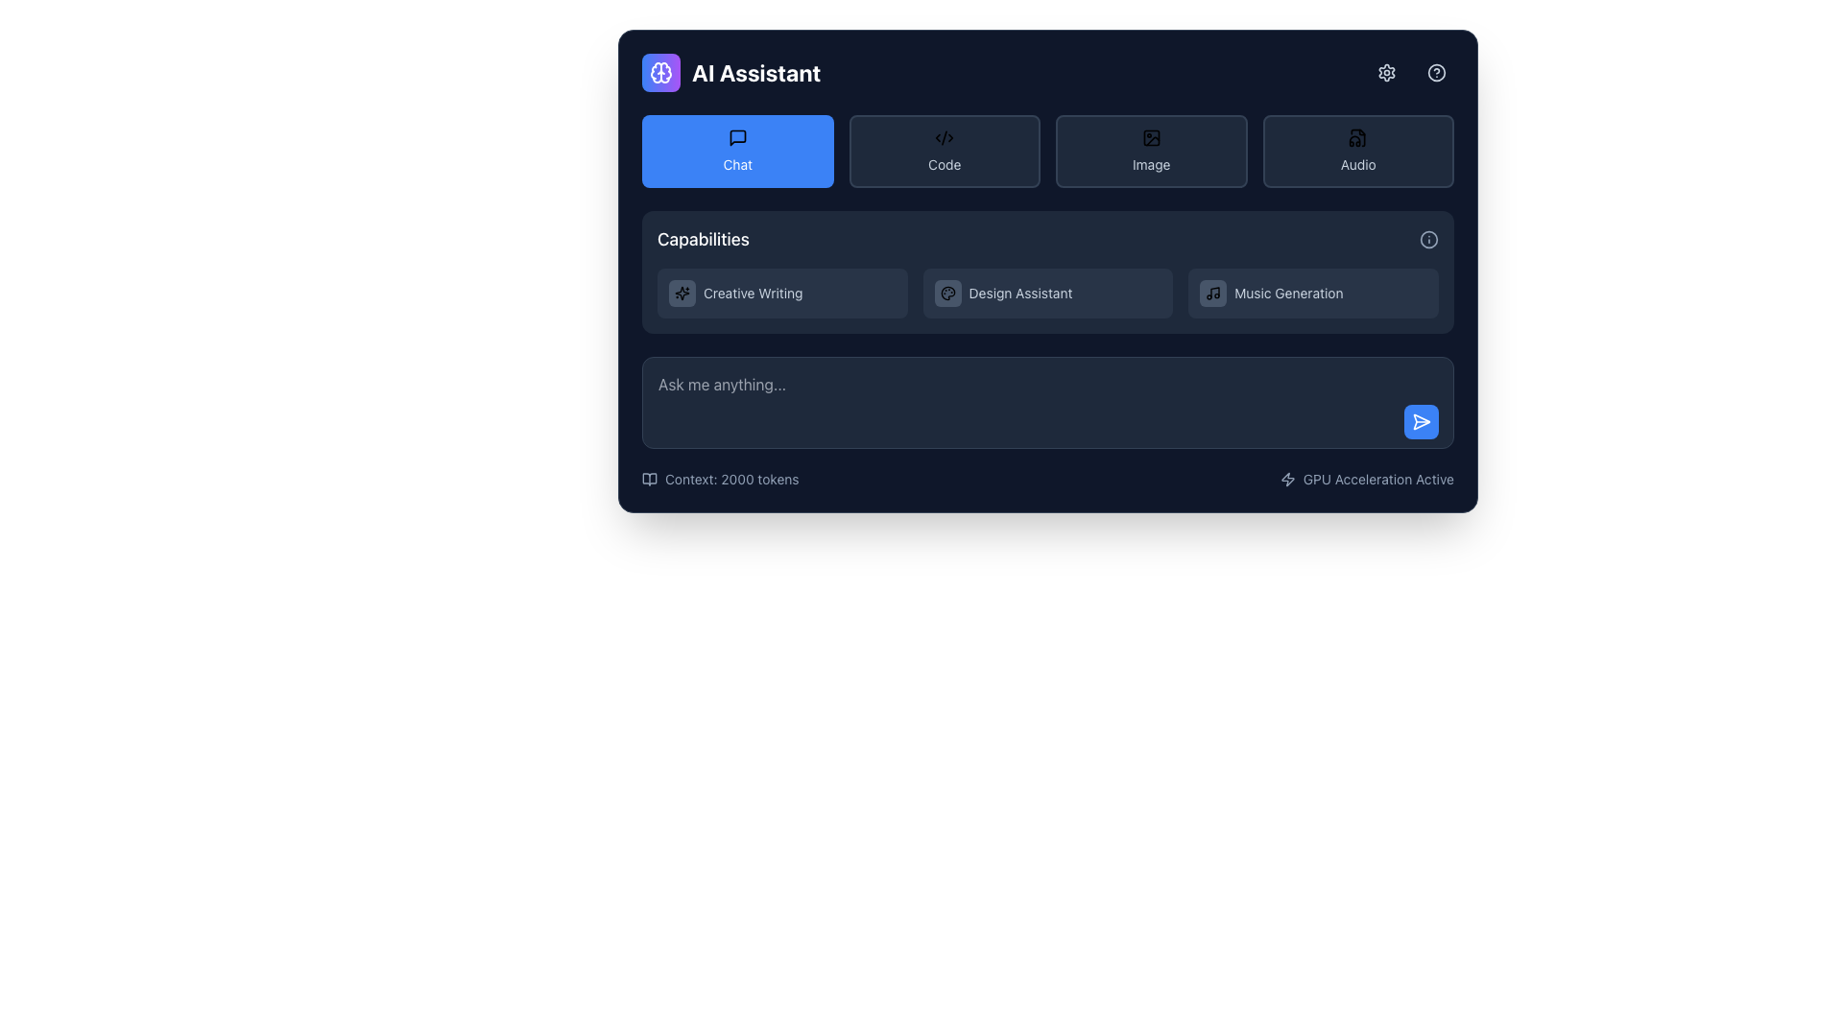  Describe the element at coordinates (1357, 151) in the screenshot. I see `the 'Audio' button, which is a rectangular button with an icon of a document and audio markings, located in the top-right section of the interface` at that location.